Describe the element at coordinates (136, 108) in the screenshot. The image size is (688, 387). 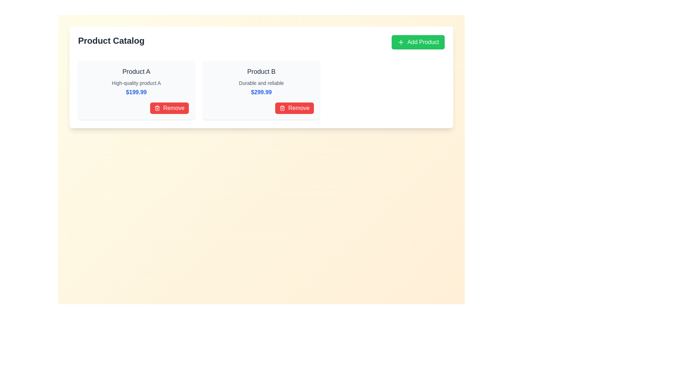
I see `the button located at the bottom-right corner of the card for 'Product A'` at that location.